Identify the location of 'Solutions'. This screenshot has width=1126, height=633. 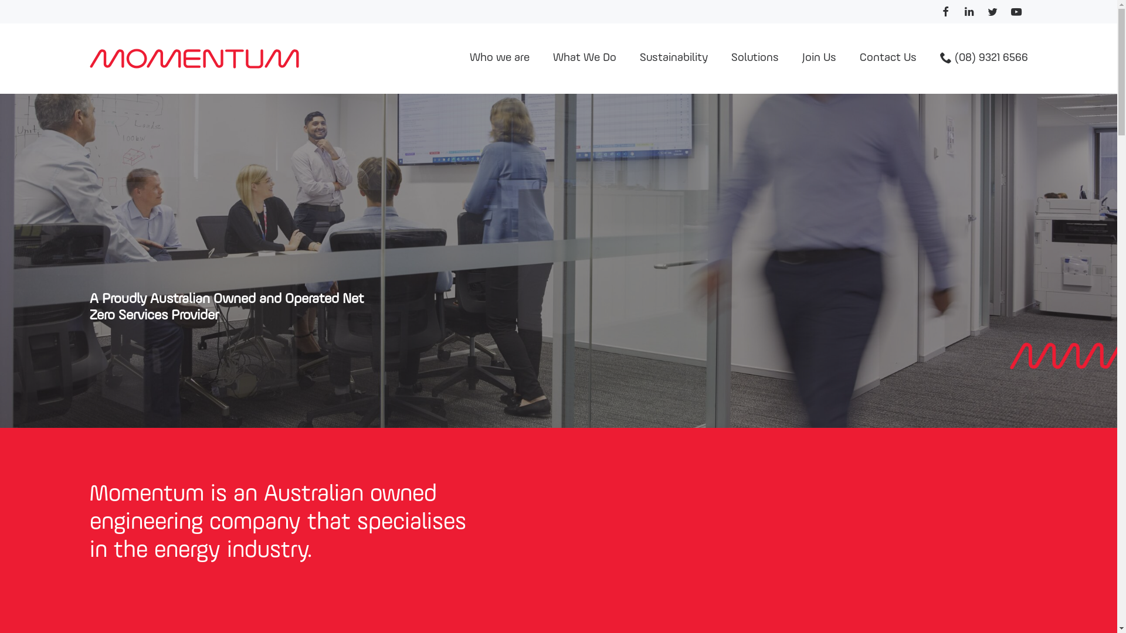
(754, 59).